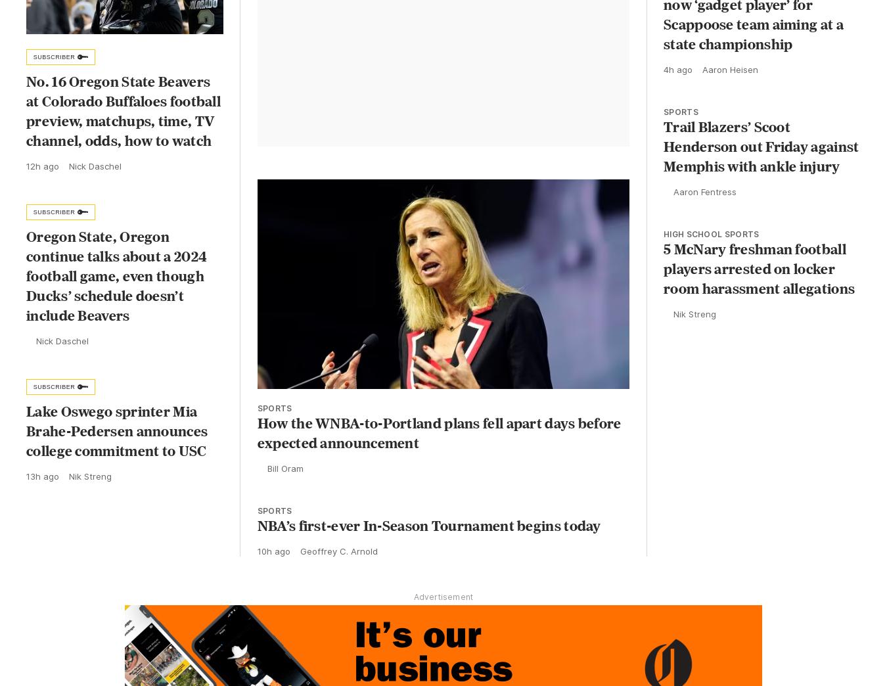 The height and width of the screenshot is (686, 887). Describe the element at coordinates (25, 169) in the screenshot. I see `'12h ago'` at that location.